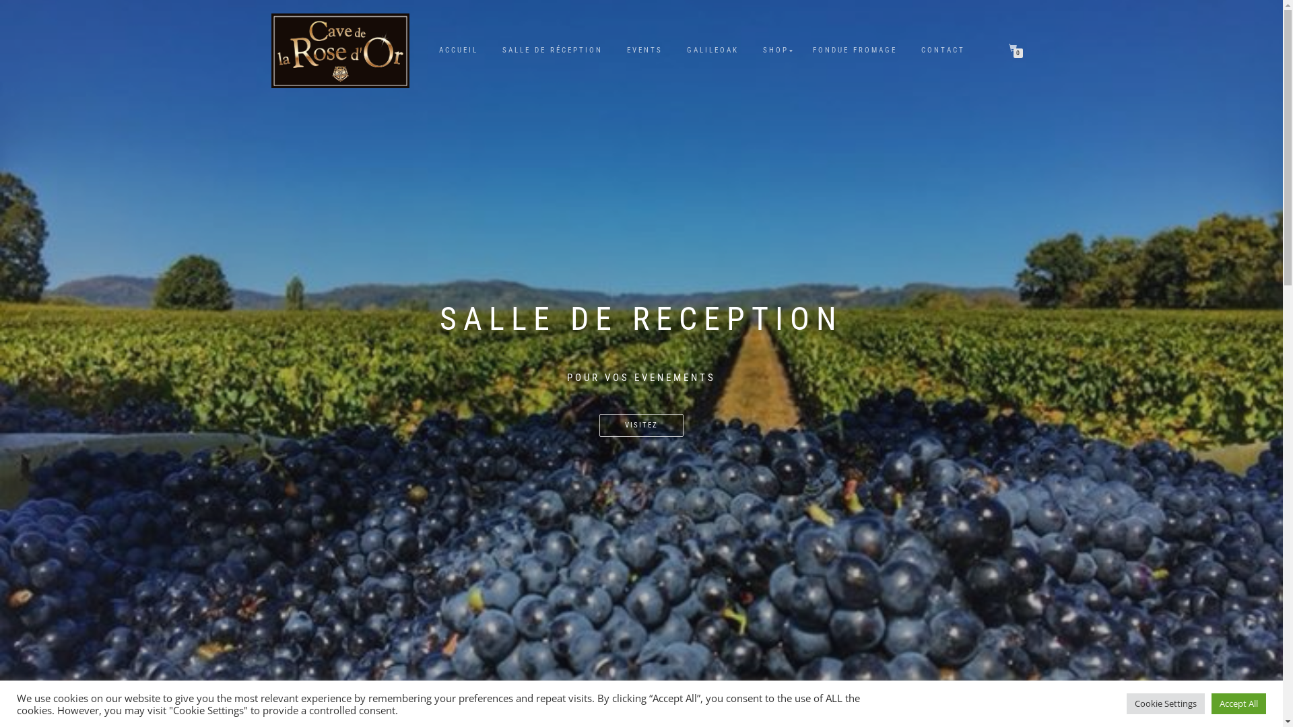  What do you see at coordinates (910, 49) in the screenshot?
I see `'CONTACT'` at bounding box center [910, 49].